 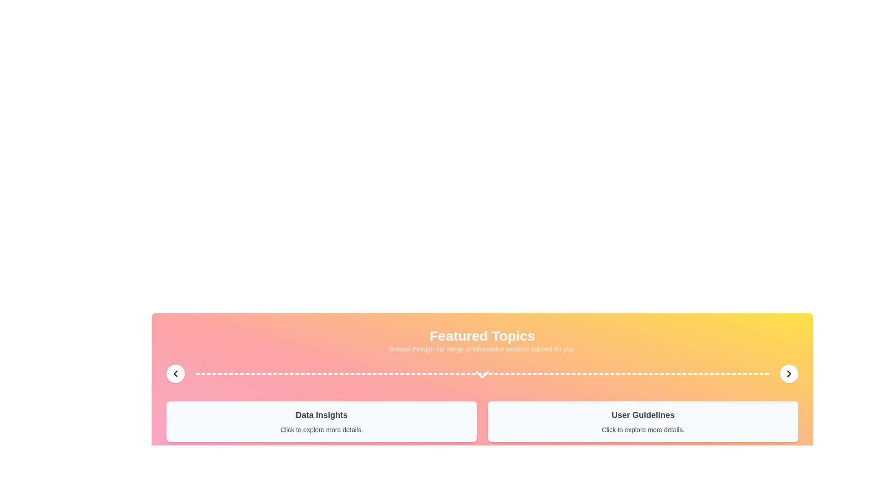 What do you see at coordinates (789, 373) in the screenshot?
I see `the Chevron Arrow icon located in the top-right corner of the featured topics bar to trigger visual feedback` at bounding box center [789, 373].